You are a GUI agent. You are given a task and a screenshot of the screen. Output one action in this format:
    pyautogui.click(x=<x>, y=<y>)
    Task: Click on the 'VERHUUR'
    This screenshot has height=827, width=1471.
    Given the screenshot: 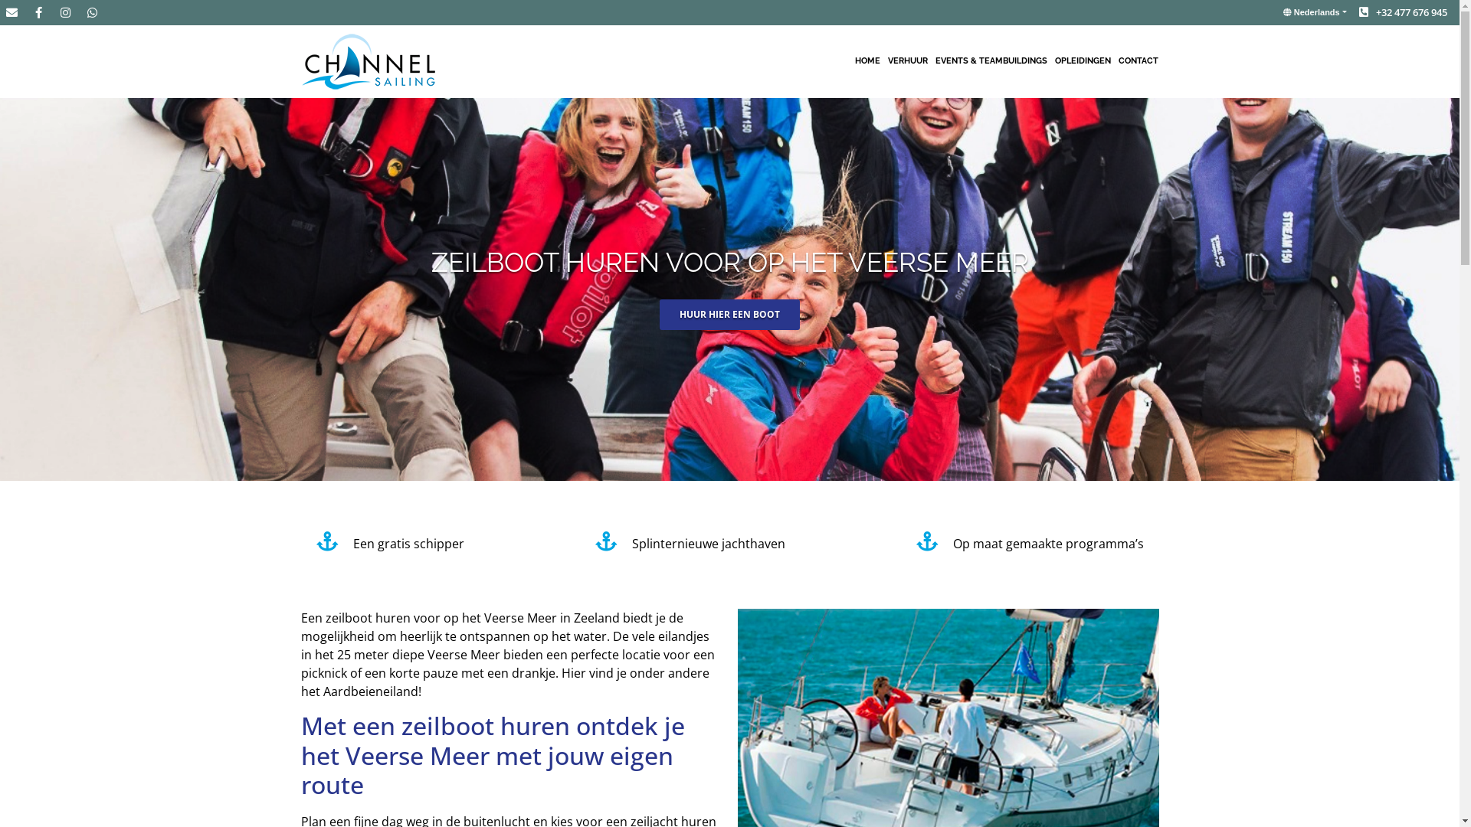 What is the action you would take?
    pyautogui.click(x=908, y=60)
    